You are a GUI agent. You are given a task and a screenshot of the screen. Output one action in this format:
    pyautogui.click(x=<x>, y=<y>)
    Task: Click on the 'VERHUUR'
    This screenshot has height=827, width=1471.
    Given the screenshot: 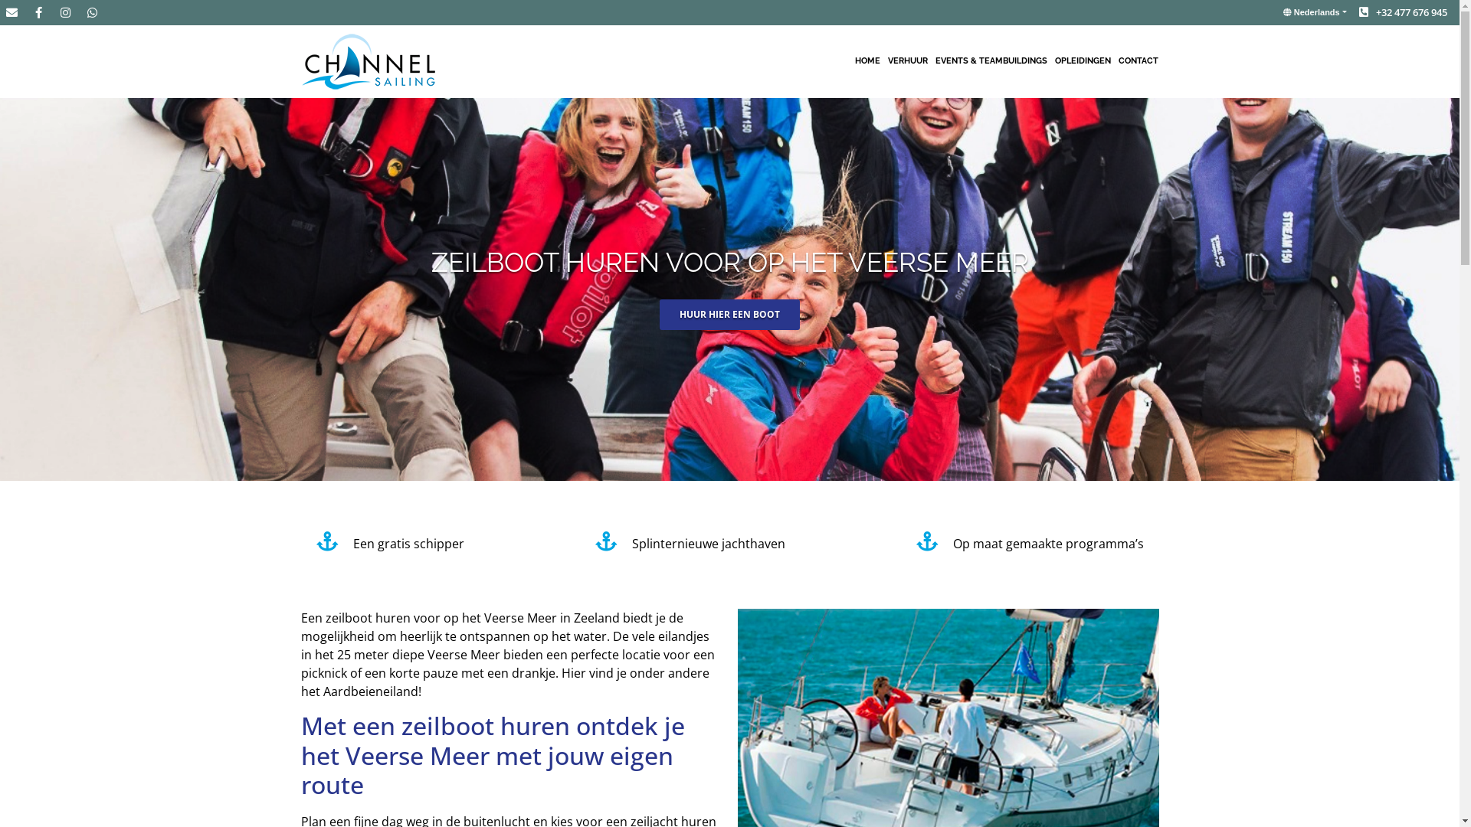 What is the action you would take?
    pyautogui.click(x=908, y=60)
    